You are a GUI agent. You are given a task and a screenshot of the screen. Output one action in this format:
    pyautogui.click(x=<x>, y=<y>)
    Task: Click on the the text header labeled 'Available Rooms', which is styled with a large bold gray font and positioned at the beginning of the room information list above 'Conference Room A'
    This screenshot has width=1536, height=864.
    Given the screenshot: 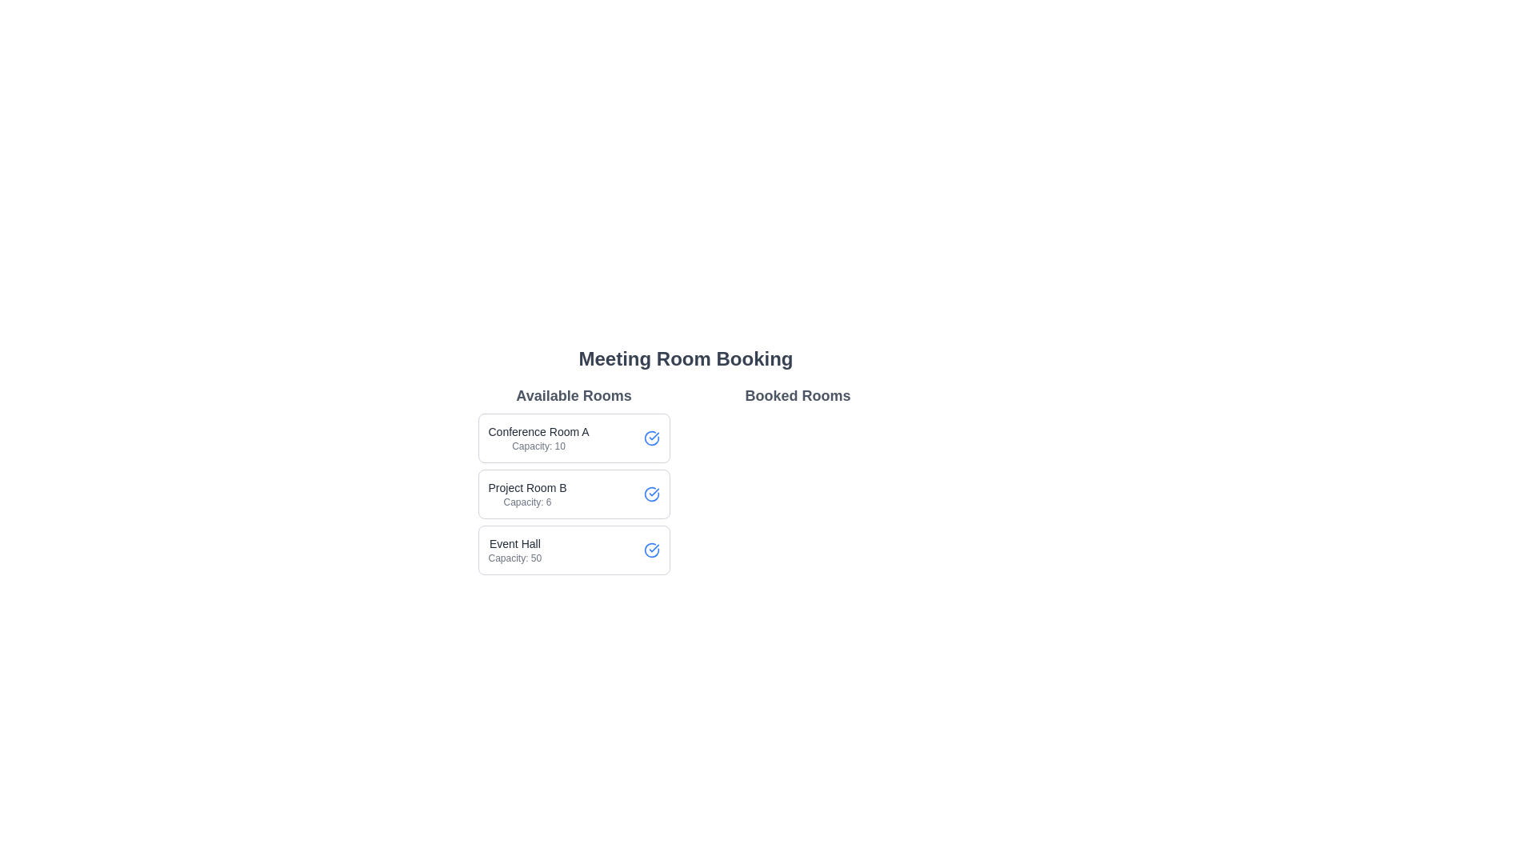 What is the action you would take?
    pyautogui.click(x=574, y=395)
    